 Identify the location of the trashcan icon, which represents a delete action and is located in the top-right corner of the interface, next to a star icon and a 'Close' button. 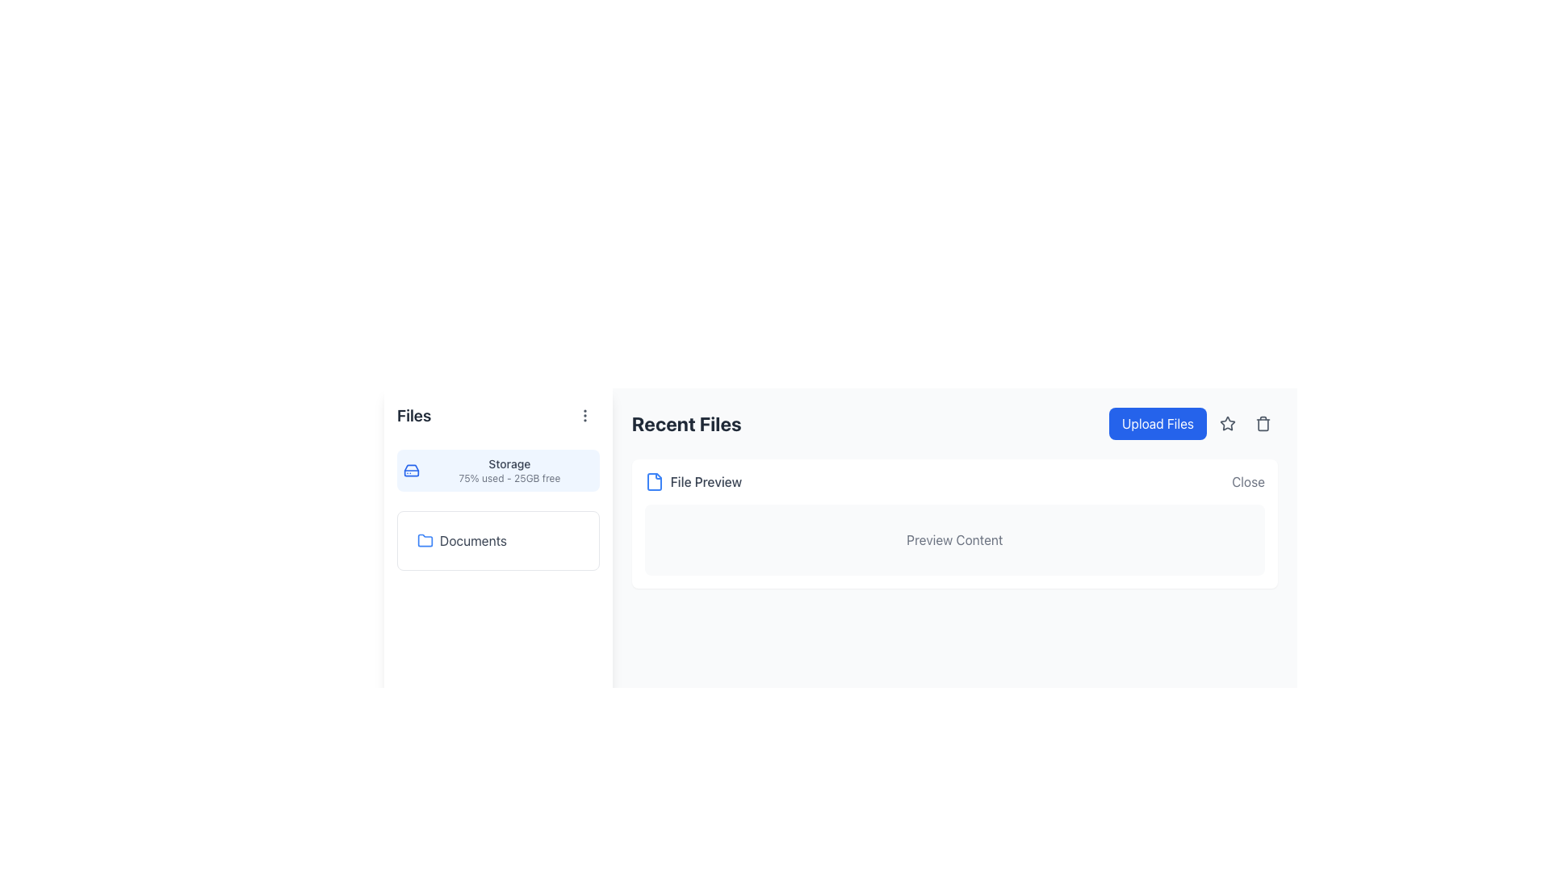
(1262, 423).